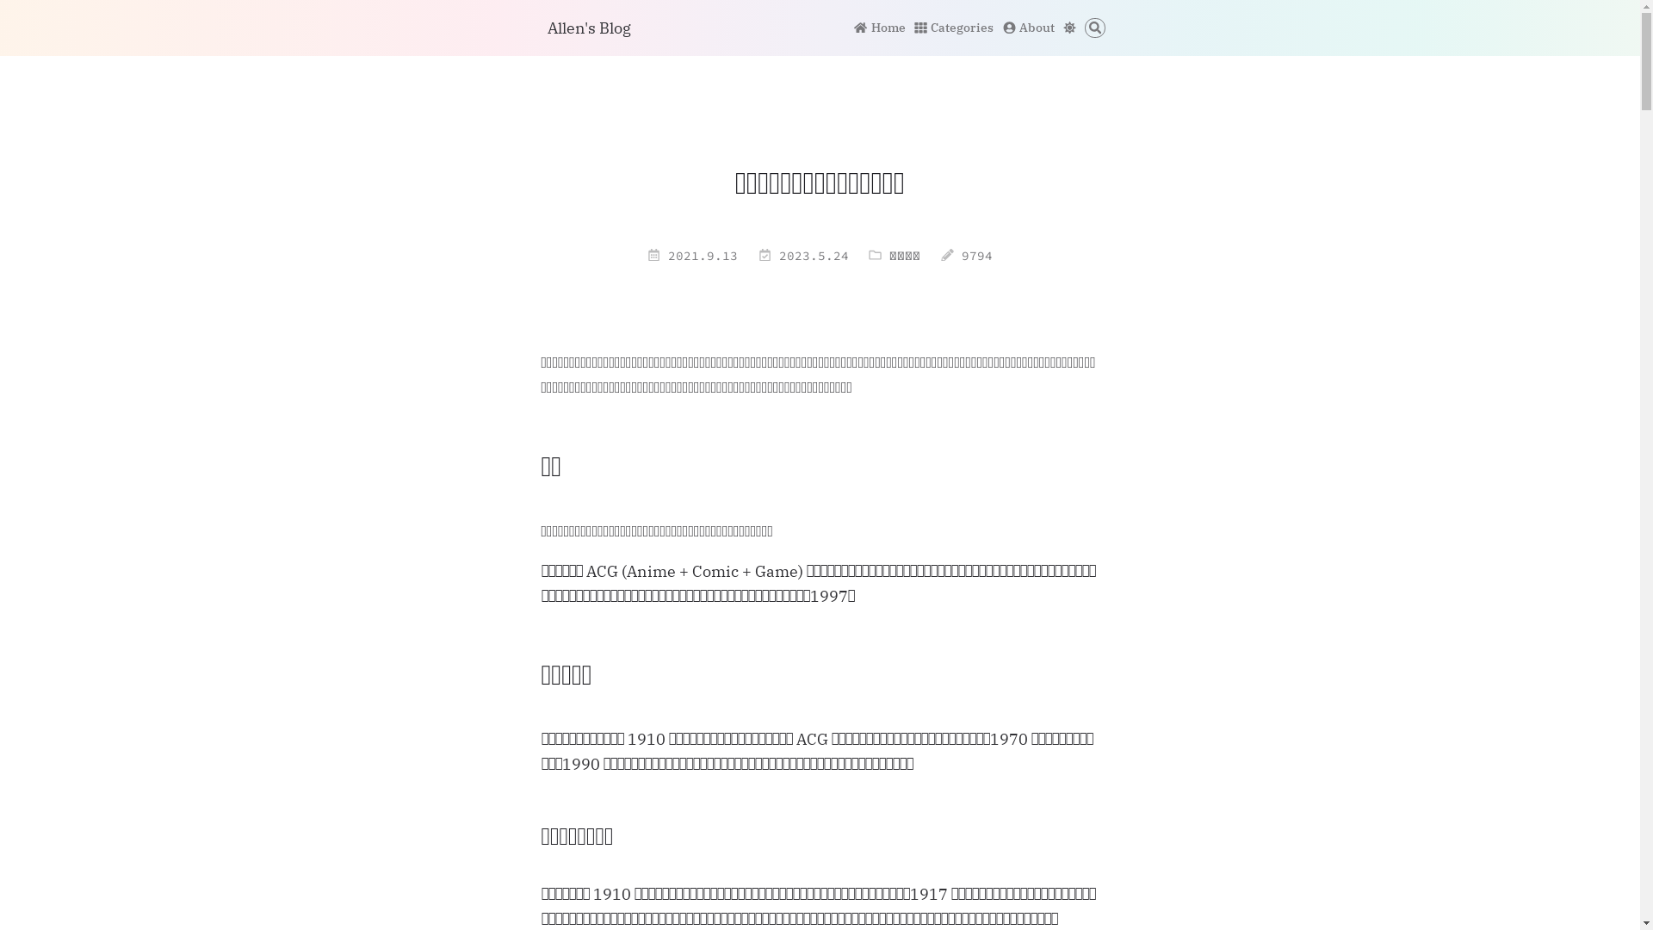 The image size is (1653, 930). Describe the element at coordinates (589, 28) in the screenshot. I see `'Allen's Blog'` at that location.